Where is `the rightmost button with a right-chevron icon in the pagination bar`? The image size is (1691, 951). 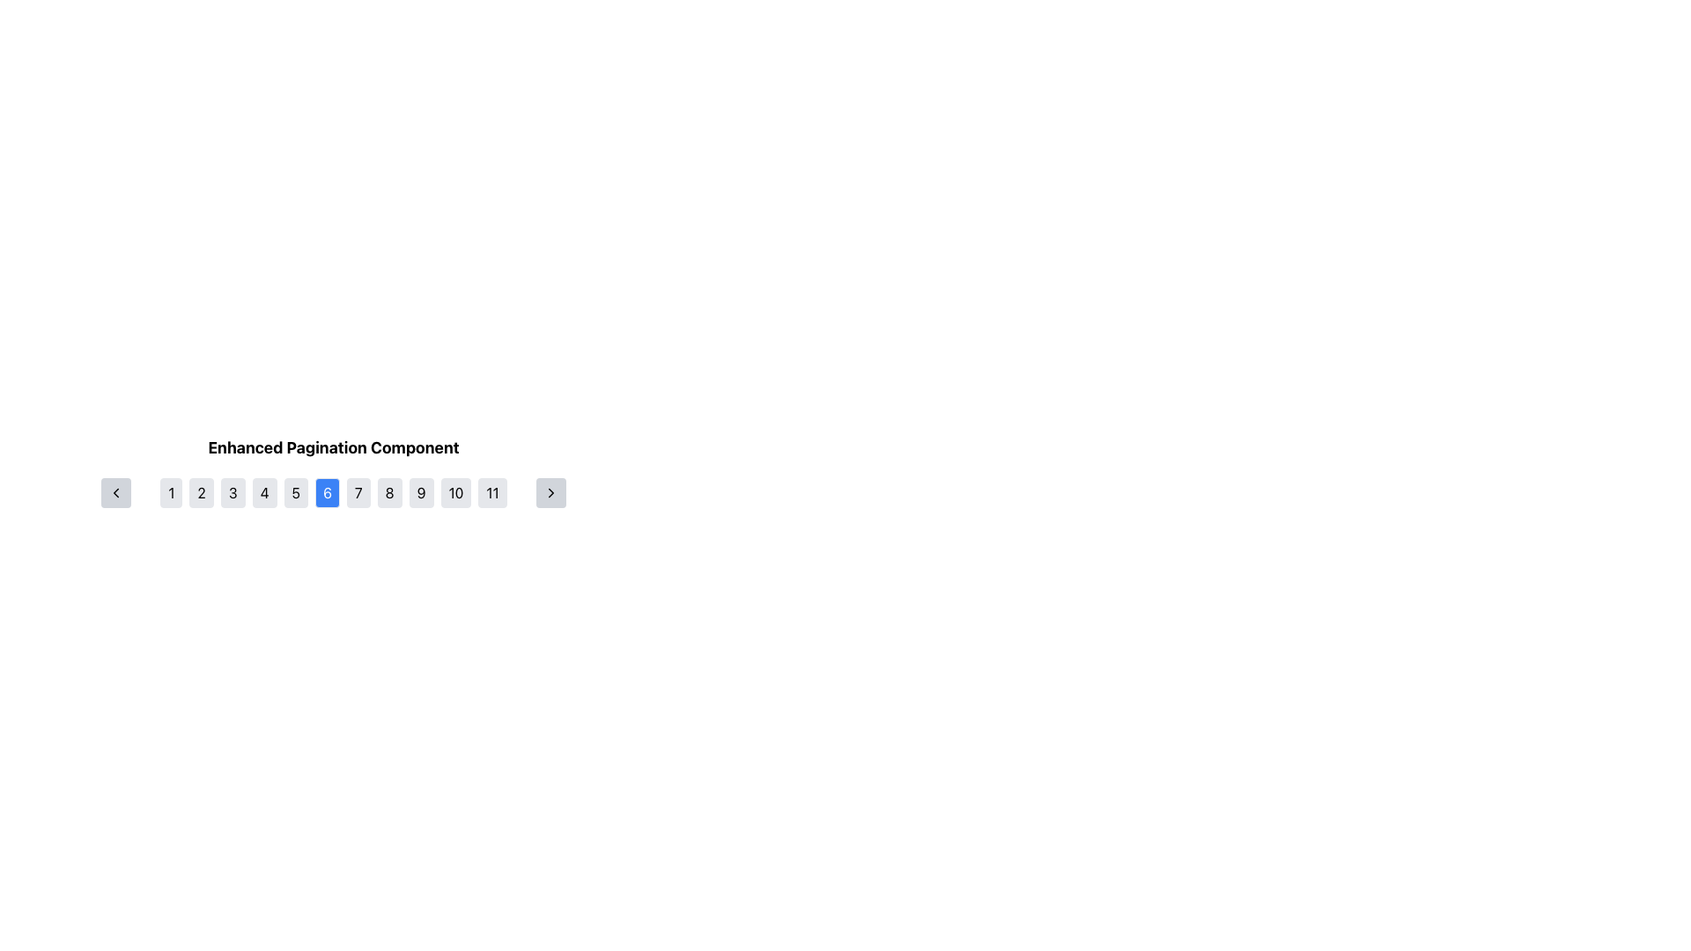 the rightmost button with a right-chevron icon in the pagination bar is located at coordinates (550, 492).